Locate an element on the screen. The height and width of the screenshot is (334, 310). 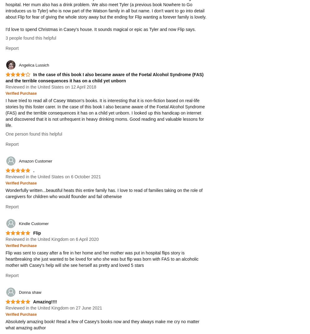
'Reviewed in the United States on 6 October 2021' is located at coordinates (53, 176).